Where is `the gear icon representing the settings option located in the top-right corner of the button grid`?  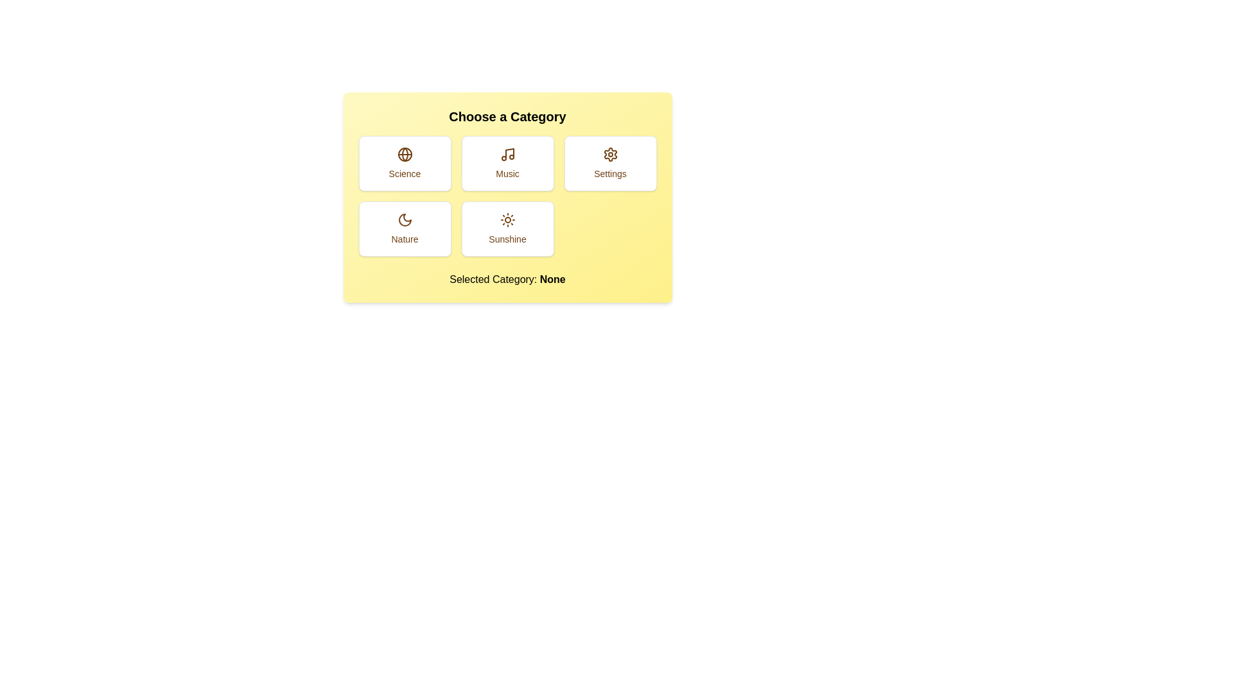 the gear icon representing the settings option located in the top-right corner of the button grid is located at coordinates (609, 153).